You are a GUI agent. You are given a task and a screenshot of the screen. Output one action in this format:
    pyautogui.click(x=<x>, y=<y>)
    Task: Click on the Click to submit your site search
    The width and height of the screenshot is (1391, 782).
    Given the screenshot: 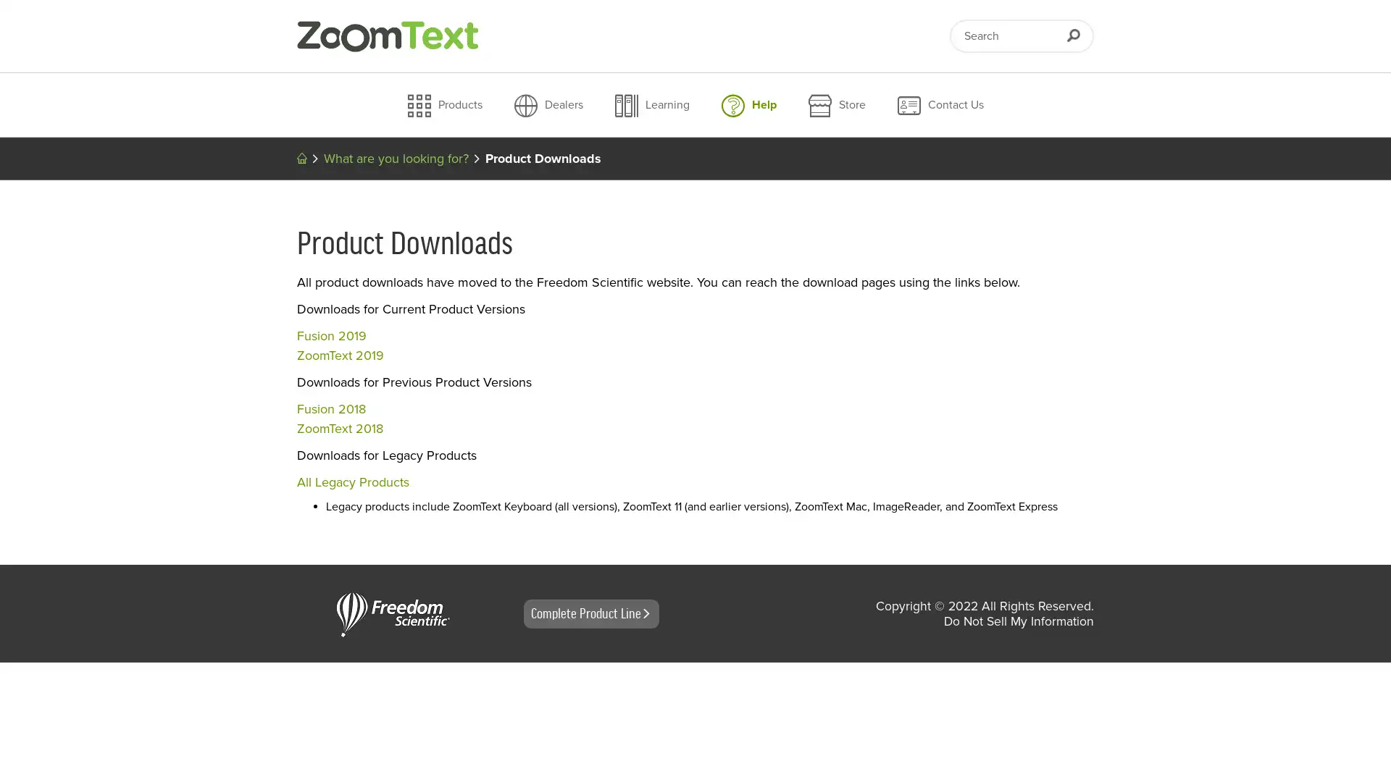 What is the action you would take?
    pyautogui.click(x=1073, y=35)
    